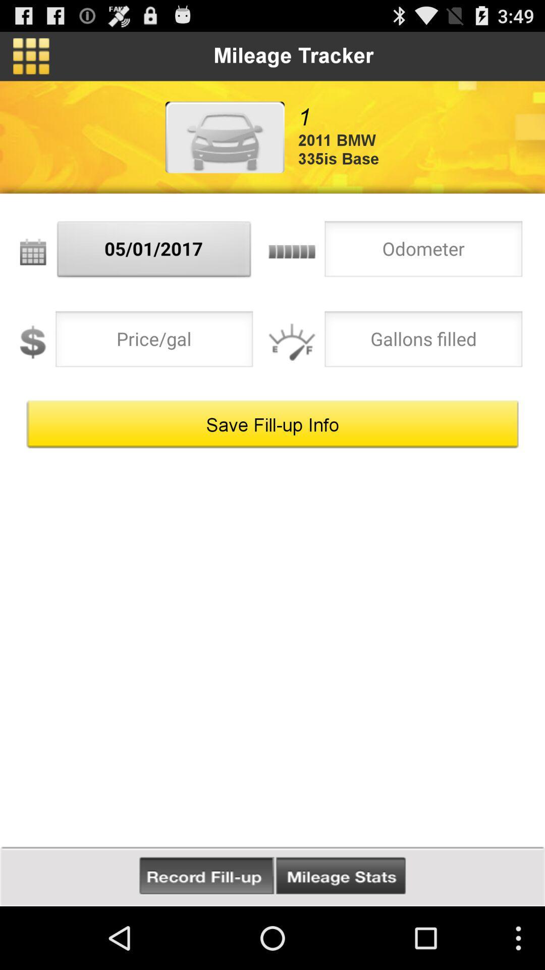  What do you see at coordinates (206, 876) in the screenshot?
I see `record fill-up option` at bounding box center [206, 876].